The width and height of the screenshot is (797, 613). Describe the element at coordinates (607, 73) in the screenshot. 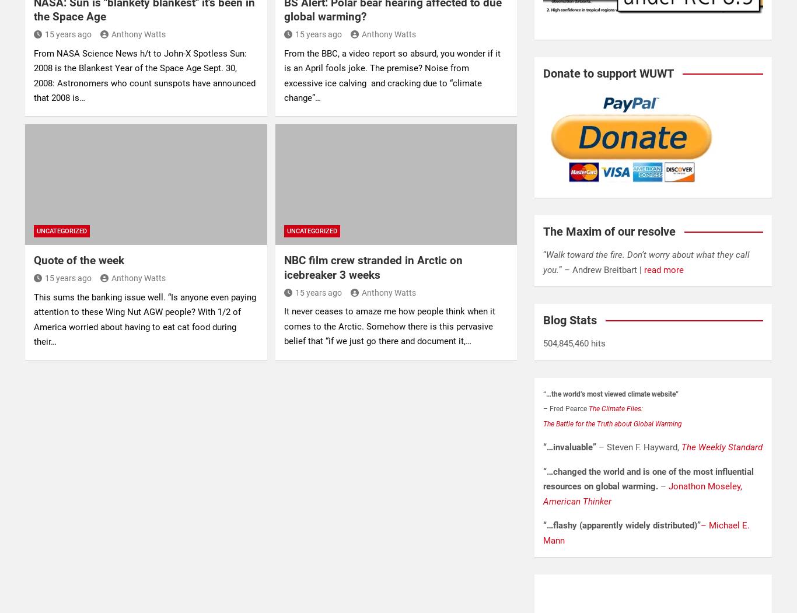

I see `'Donate to support WUWT'` at that location.